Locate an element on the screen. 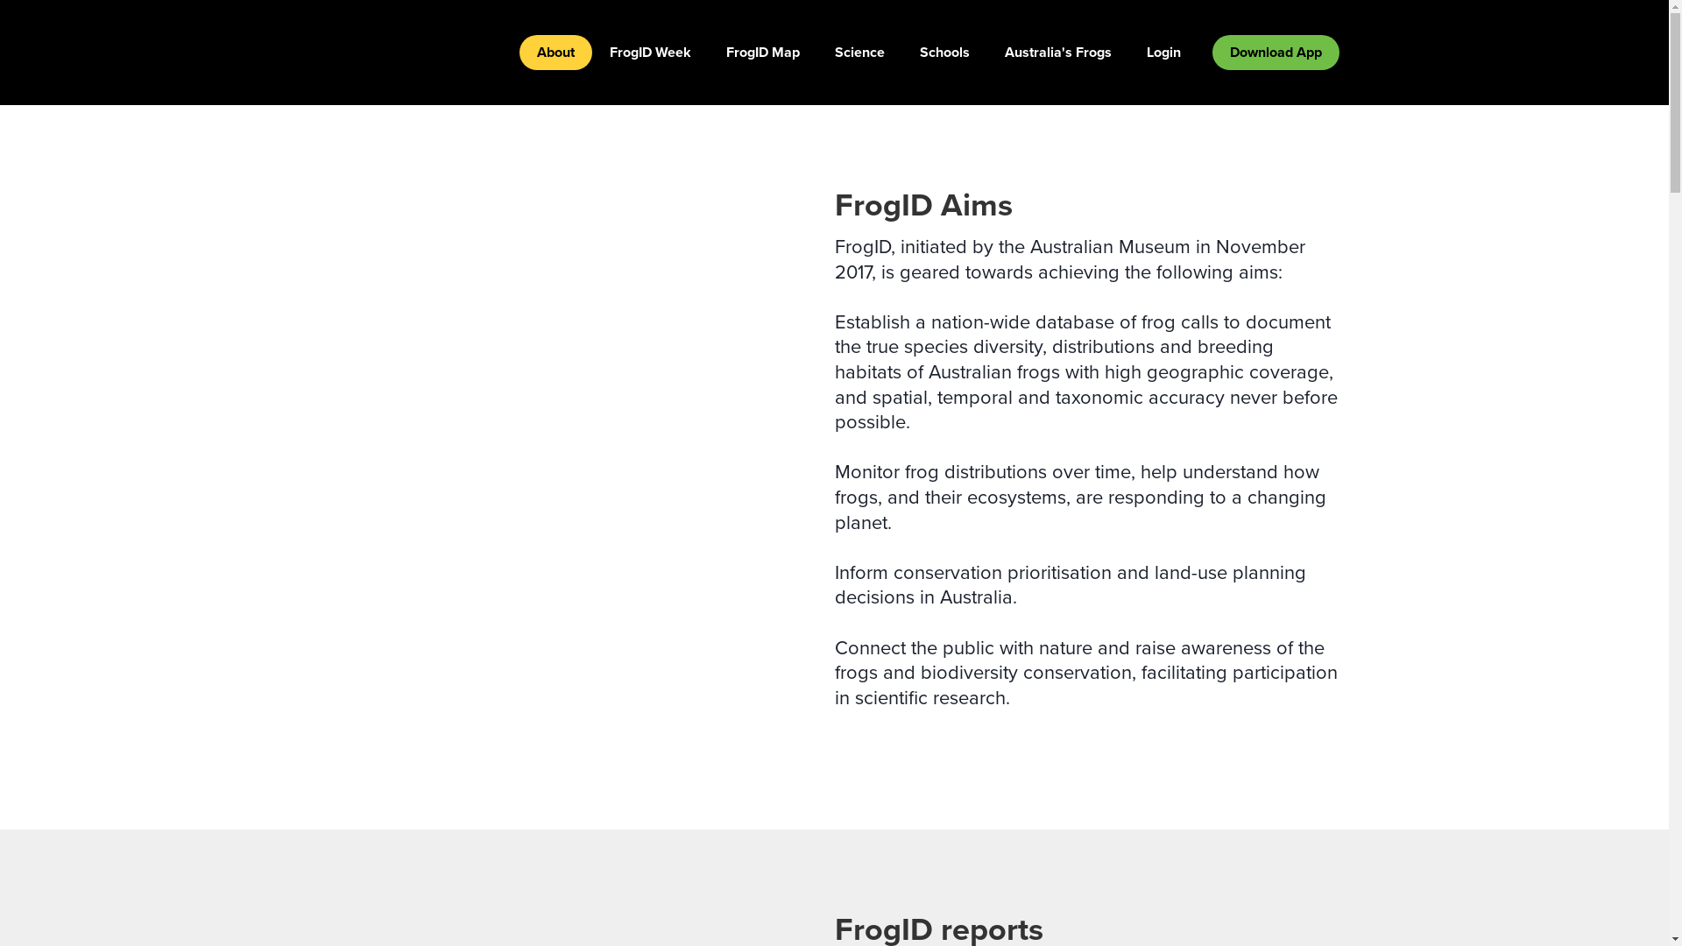 This screenshot has width=1682, height=946. 'Schools' is located at coordinates (943, 52).